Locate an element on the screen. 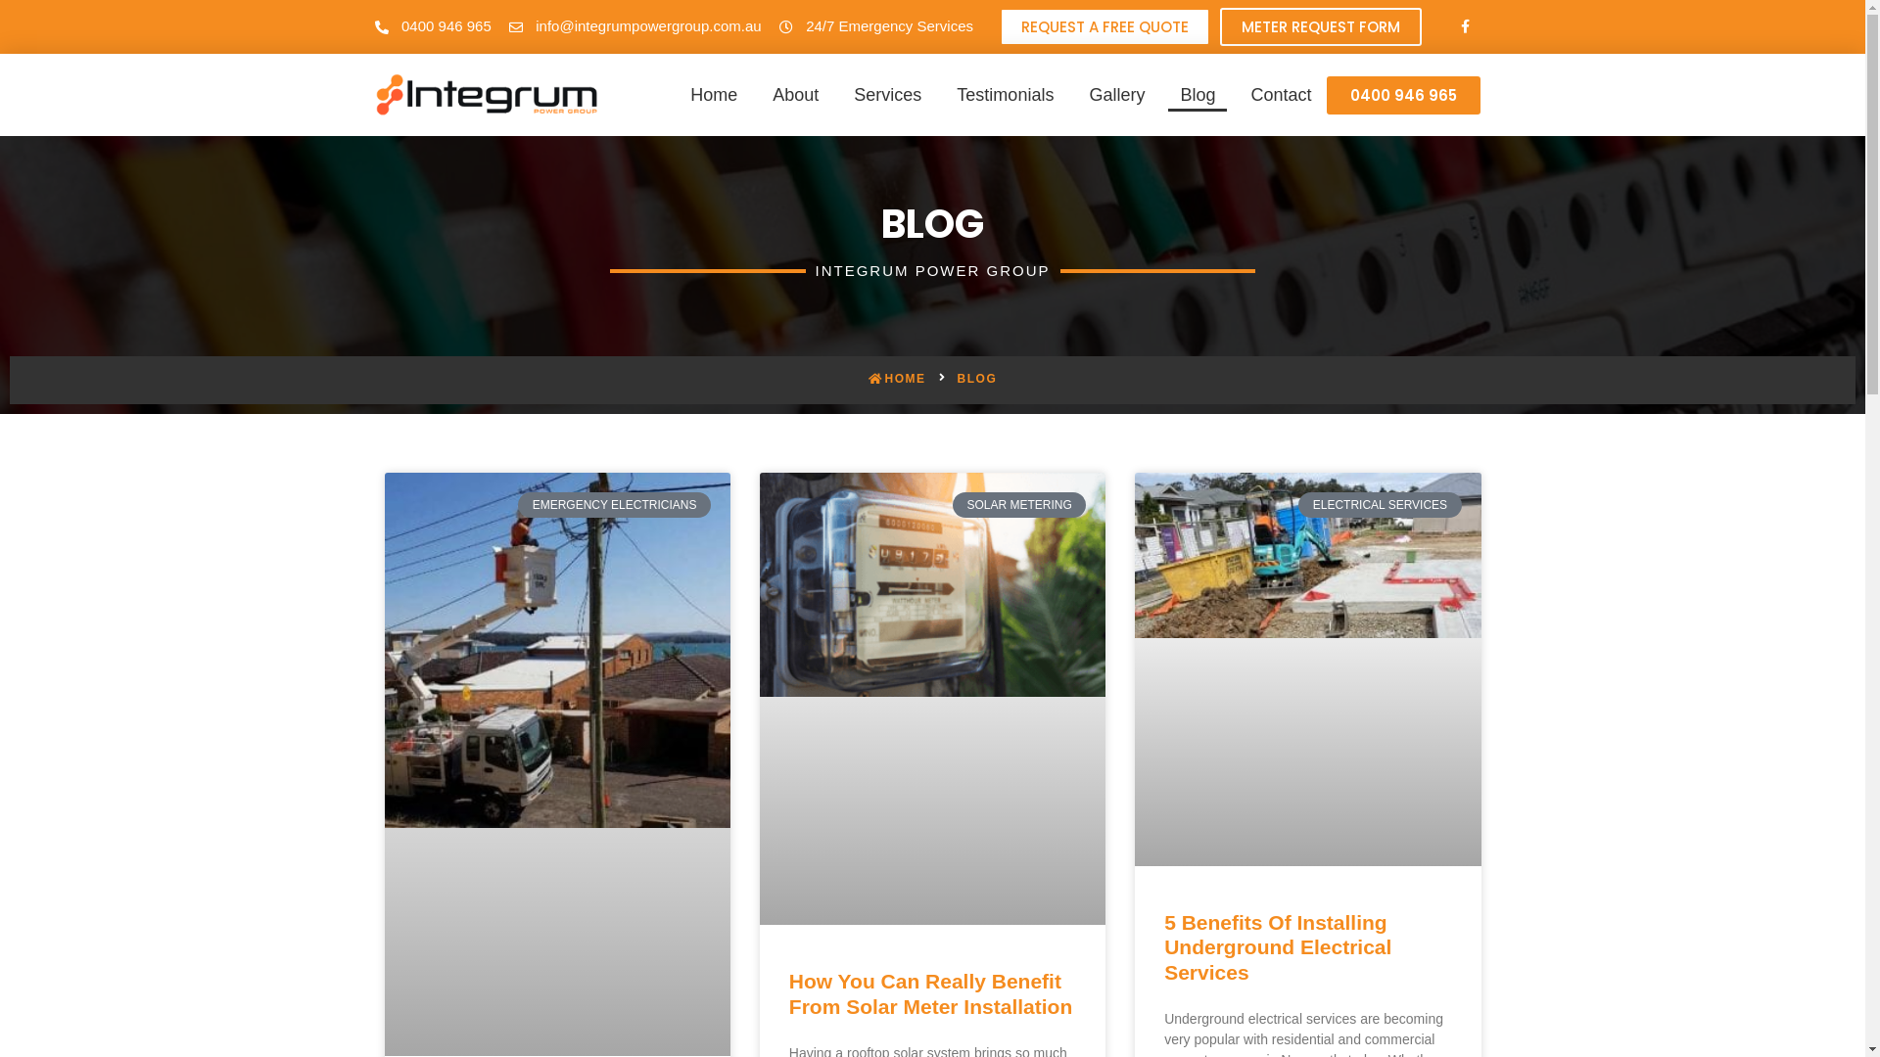 The height and width of the screenshot is (1057, 1880). 'How You Can Really Benefit From Solar Meter Installation' is located at coordinates (929, 992).